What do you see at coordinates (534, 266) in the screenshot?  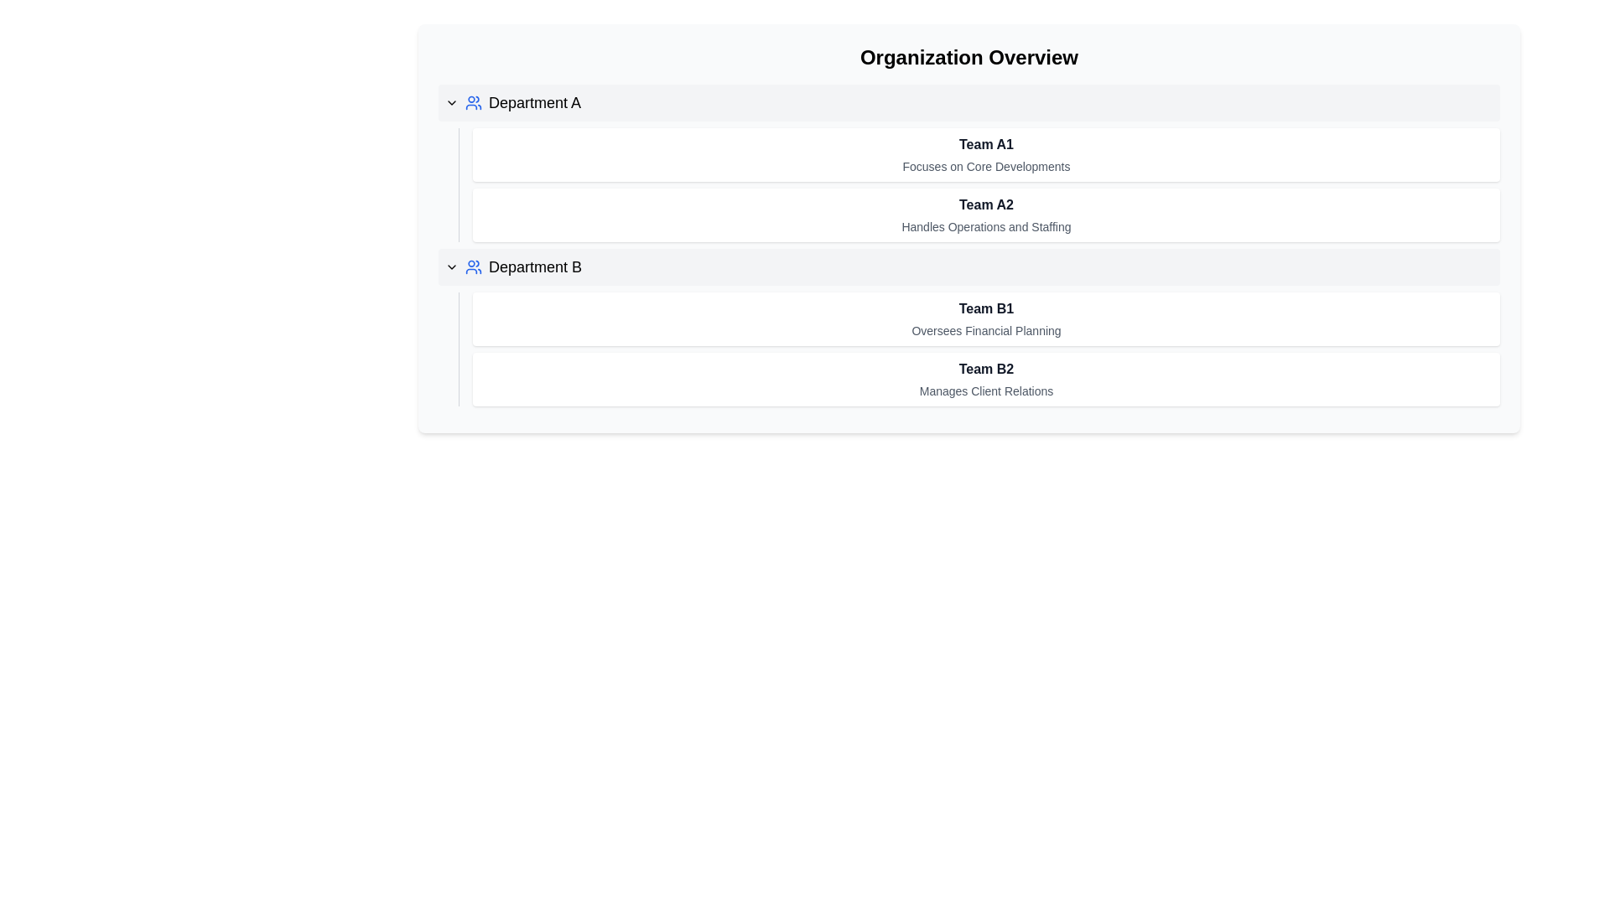 I see `the 'Department B' text label element, which is part of a clickable row with a user group icon on the left and an expand arrow on the right` at bounding box center [534, 266].